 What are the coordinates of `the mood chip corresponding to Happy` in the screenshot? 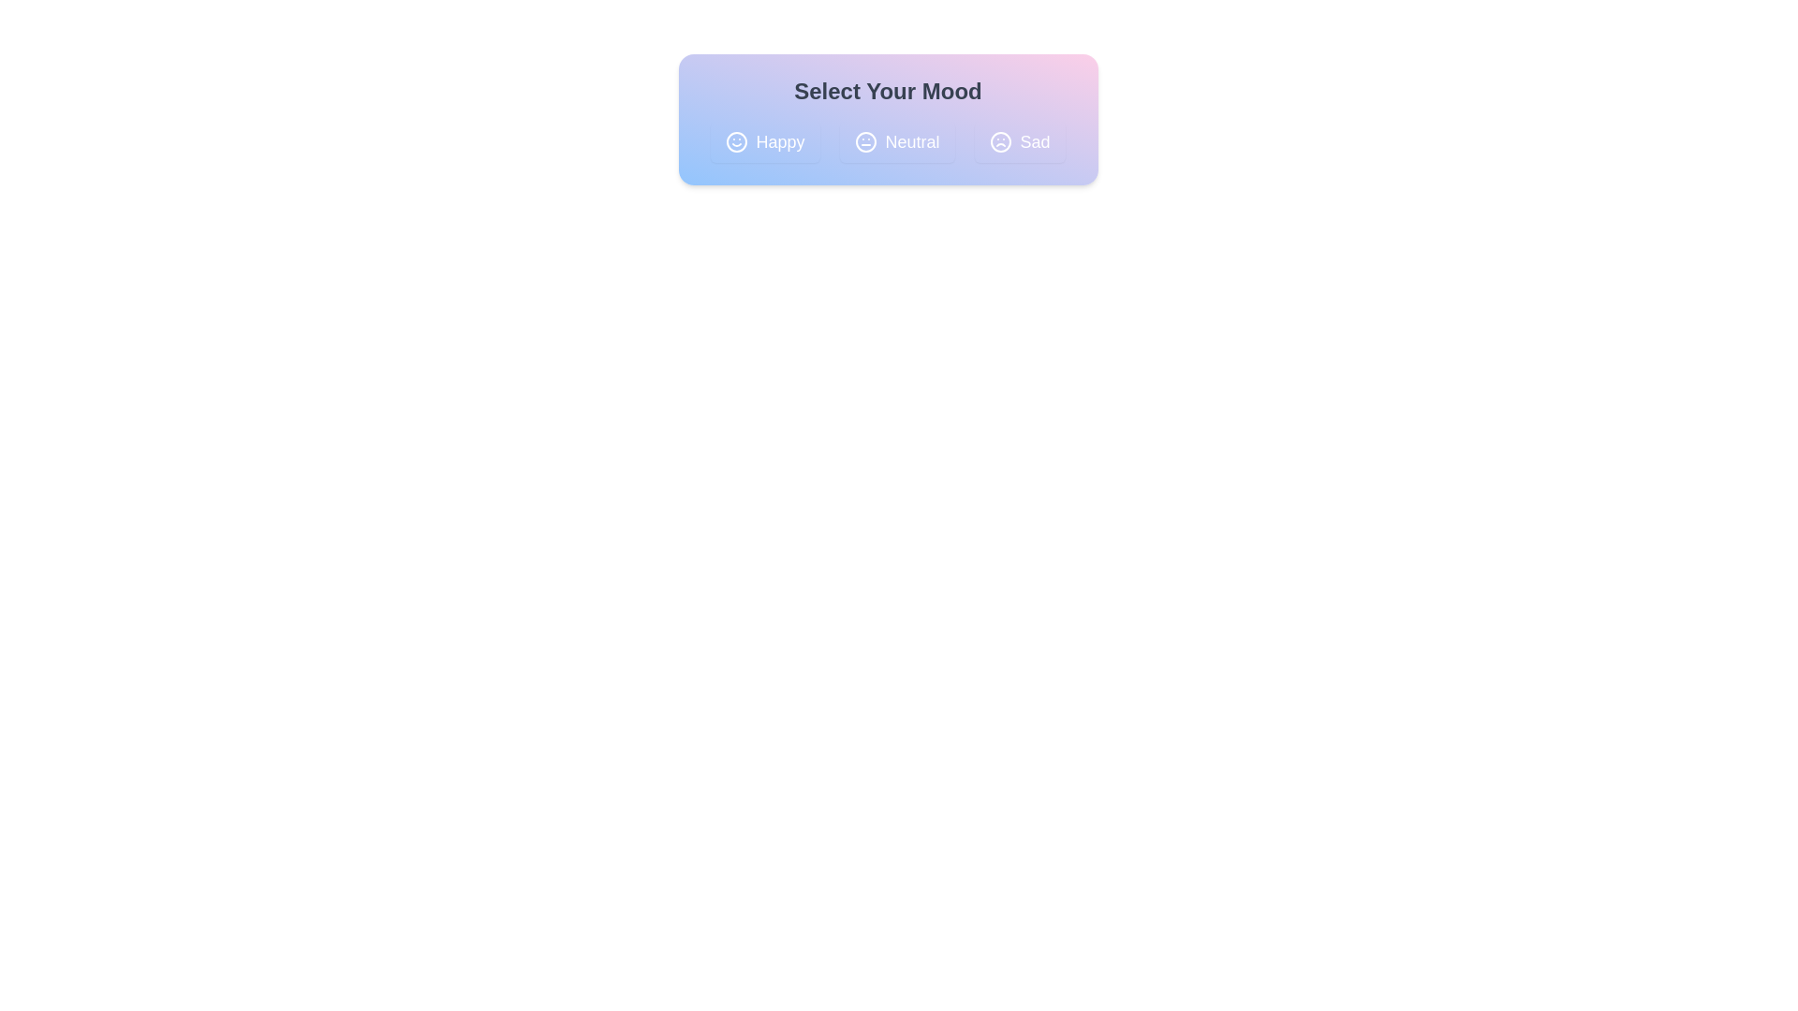 It's located at (765, 140).